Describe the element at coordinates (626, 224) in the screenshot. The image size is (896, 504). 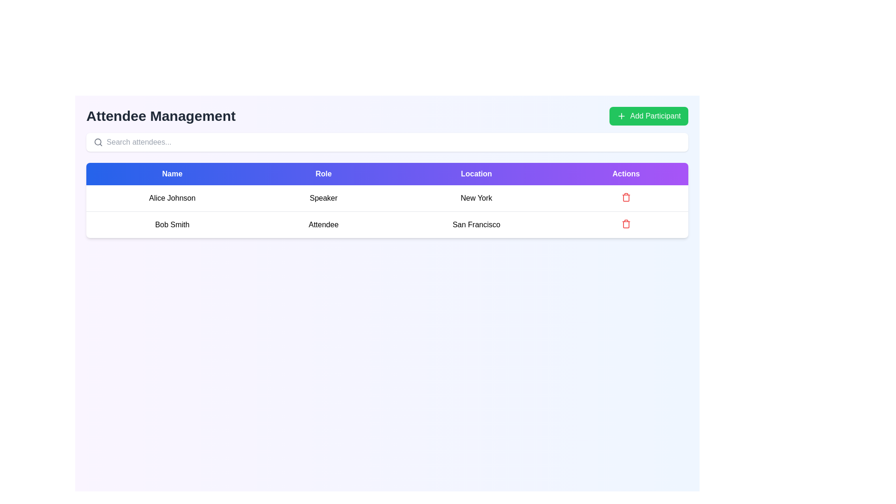
I see `the delete button associated with the 'Bob Smith' attendee entry` at that location.